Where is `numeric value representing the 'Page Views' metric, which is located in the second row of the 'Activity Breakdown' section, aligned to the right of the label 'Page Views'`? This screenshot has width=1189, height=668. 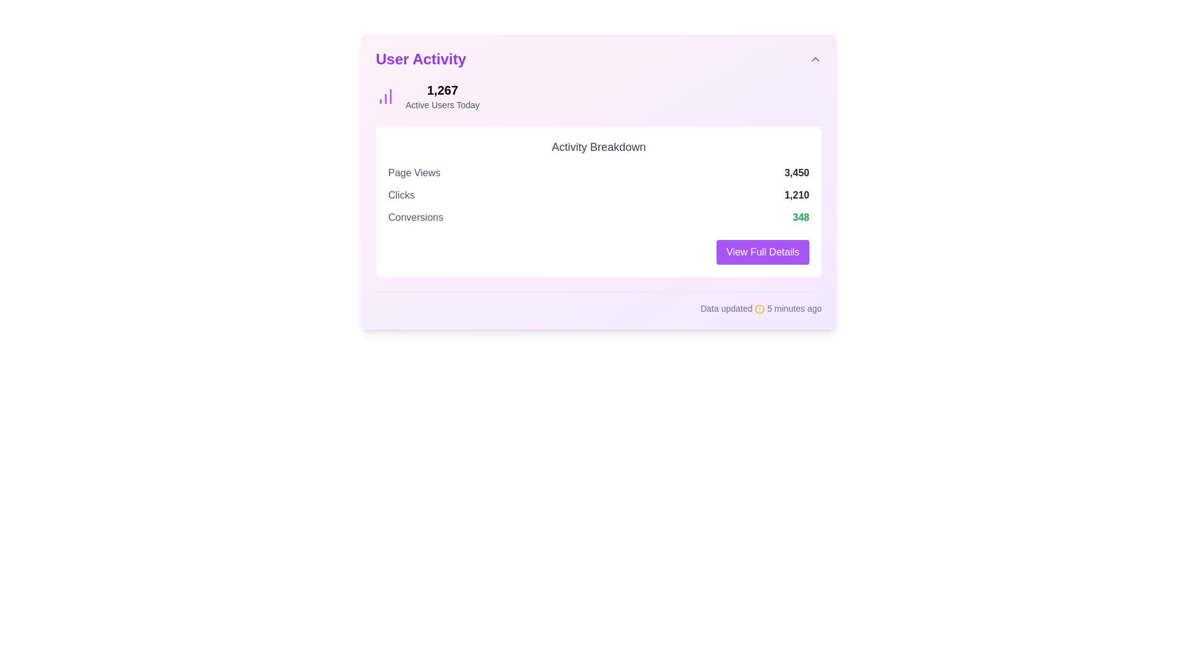 numeric value representing the 'Page Views' metric, which is located in the second row of the 'Activity Breakdown' section, aligned to the right of the label 'Page Views' is located at coordinates (796, 173).